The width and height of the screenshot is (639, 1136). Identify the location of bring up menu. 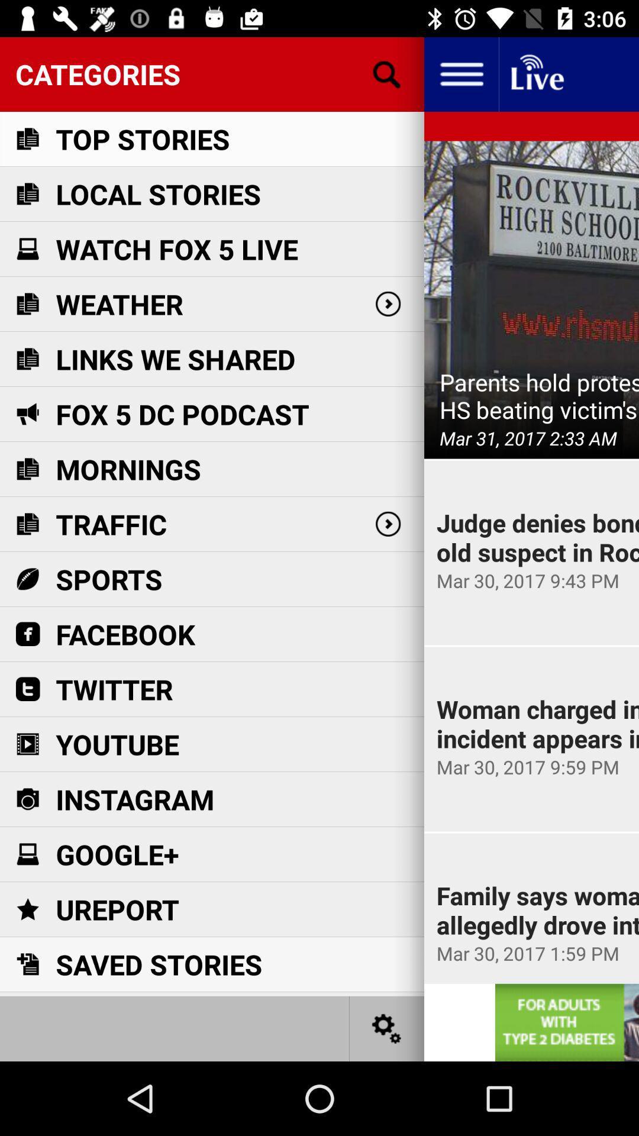
(460, 73).